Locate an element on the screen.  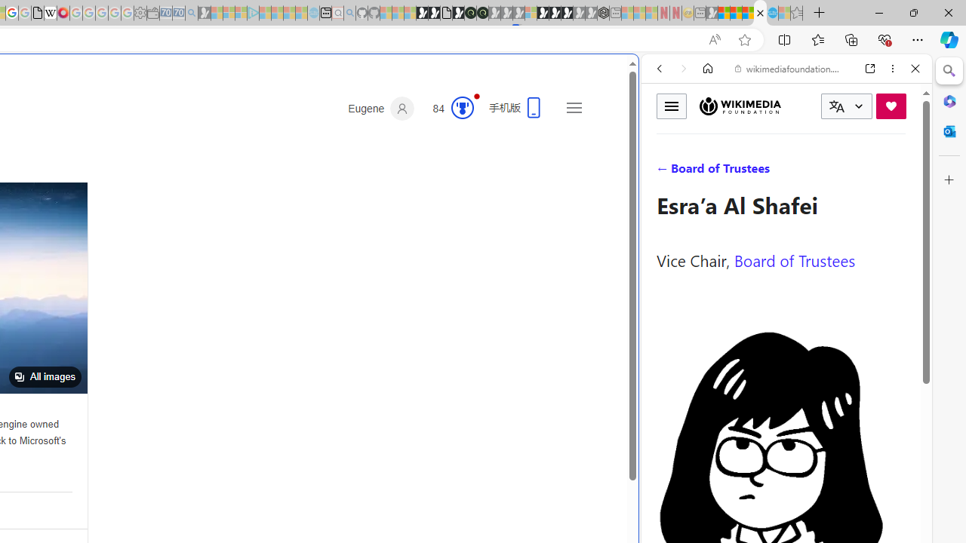
'All images' is located at coordinates (45, 376).